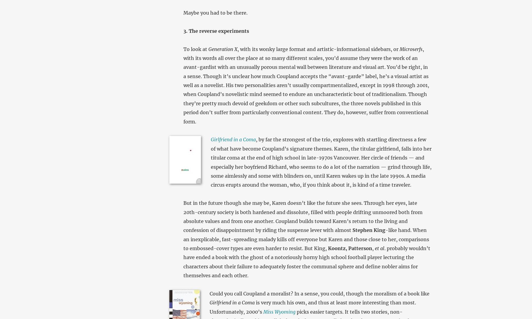 This screenshot has width=532, height=319. I want to click on 'Miss Wyoming', so click(279, 311).